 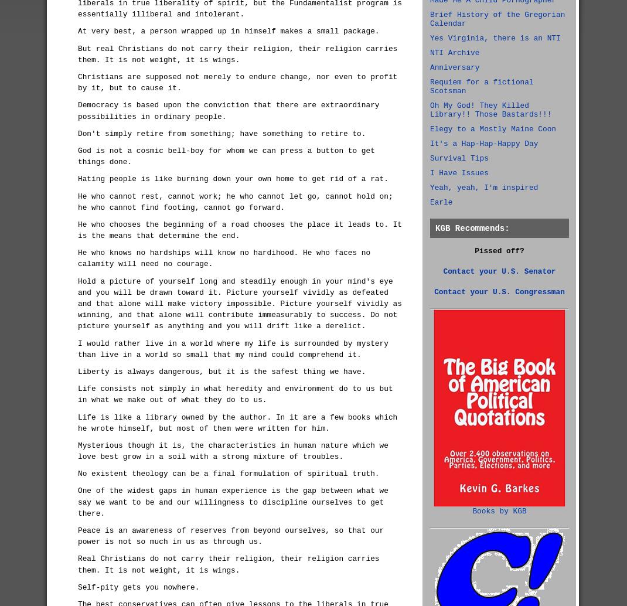 What do you see at coordinates (234, 394) in the screenshot?
I see `'Life consists not simply in what heredity and environment do to us but 
      in what we make out of what they do to us.'` at bounding box center [234, 394].